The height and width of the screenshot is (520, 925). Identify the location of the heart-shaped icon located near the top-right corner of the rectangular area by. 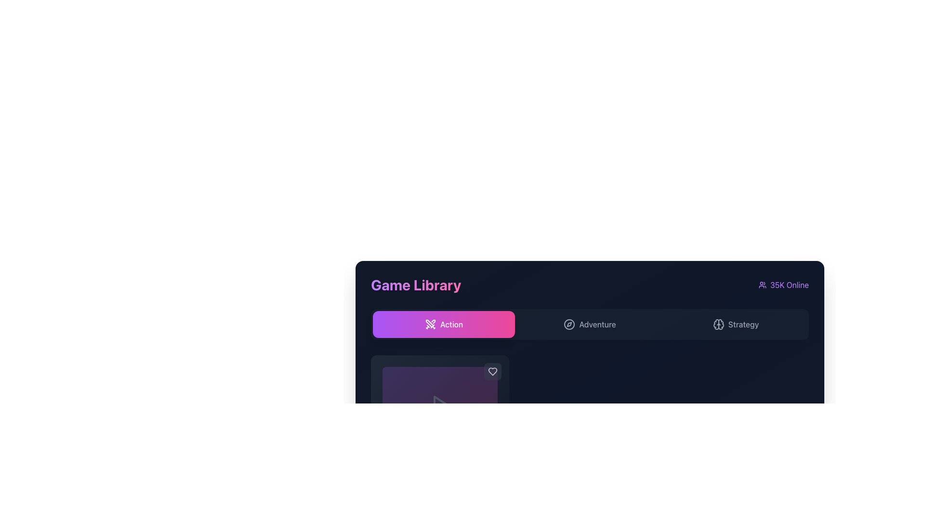
(492, 371).